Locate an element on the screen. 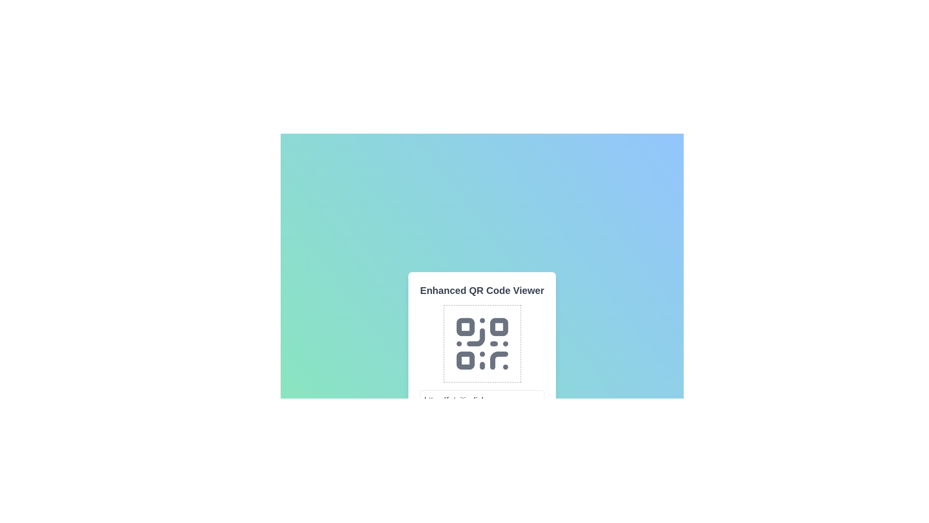 The height and width of the screenshot is (523, 929). the QR code icon located centrally within the 'Enhanced QR Code Viewer' card-like UI section is located at coordinates (482, 343).